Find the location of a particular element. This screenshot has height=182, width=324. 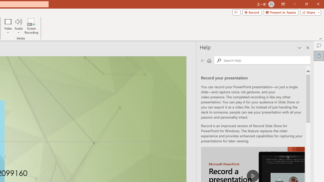

'play Record a Presentation' is located at coordinates (253, 175).